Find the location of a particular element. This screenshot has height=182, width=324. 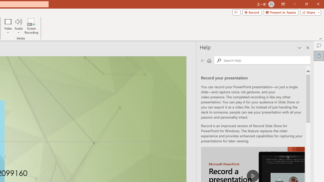

'play Record a Presentation' is located at coordinates (253, 175).